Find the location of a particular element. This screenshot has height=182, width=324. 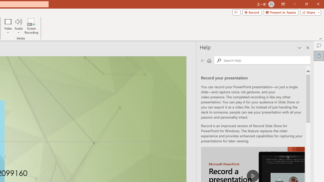

'play Record a Presentation' is located at coordinates (253, 175).